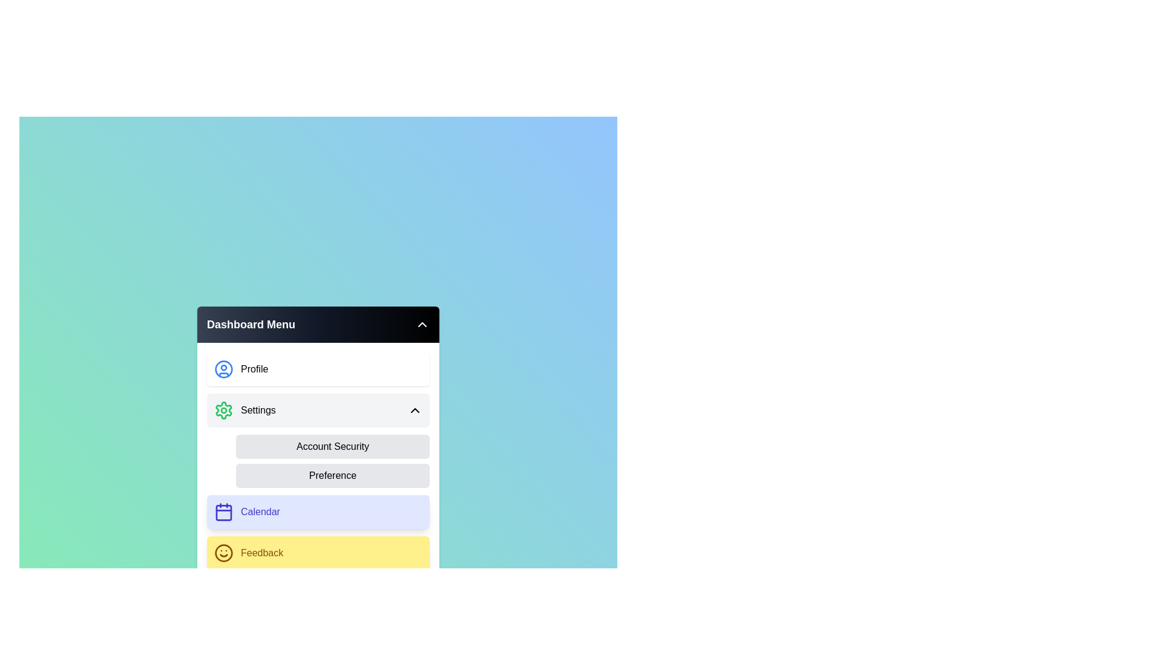 This screenshot has height=653, width=1162. What do you see at coordinates (223, 368) in the screenshot?
I see `the outermost circular shape of the blue-stroked icon adjacent to the 'Profile' menu entry` at bounding box center [223, 368].